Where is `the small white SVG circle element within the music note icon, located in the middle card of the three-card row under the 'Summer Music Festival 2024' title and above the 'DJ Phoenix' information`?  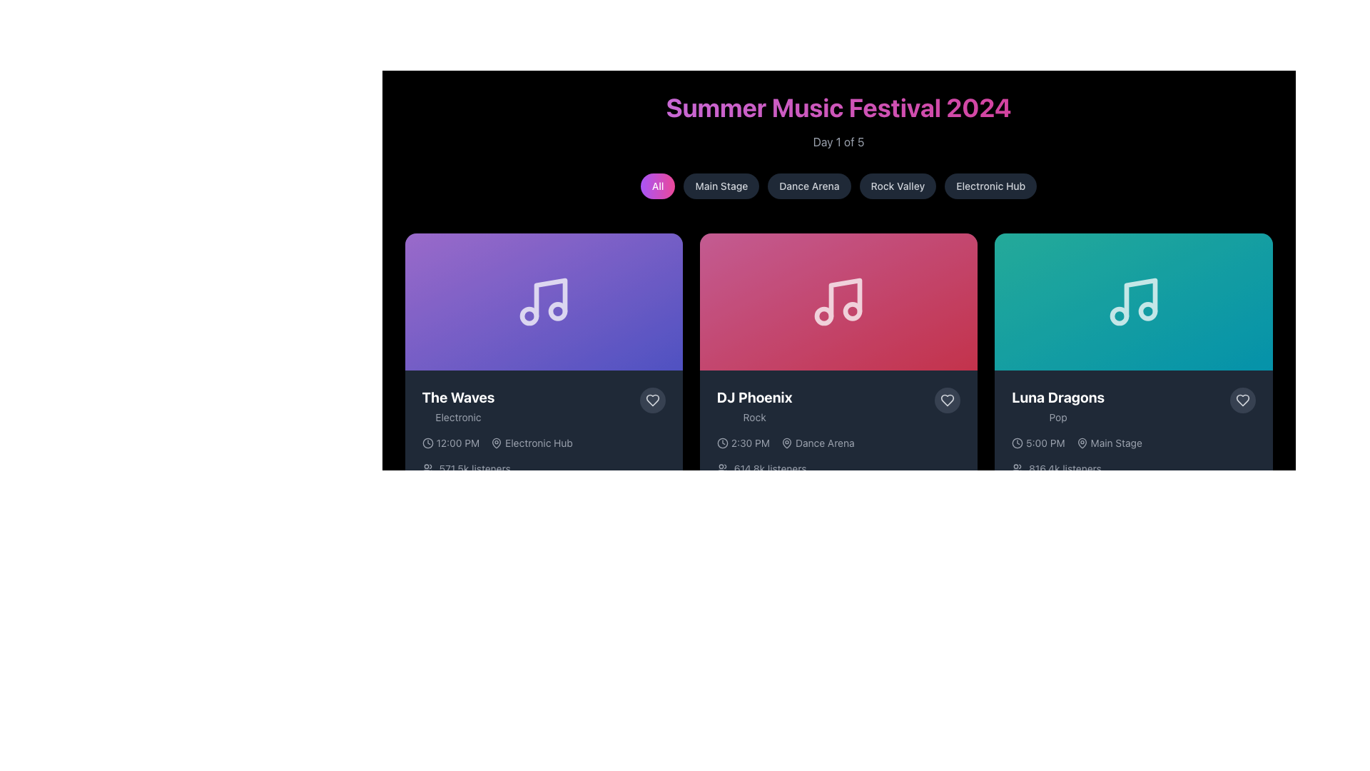 the small white SVG circle element within the music note icon, located in the middle card of the three-card row under the 'Summer Music Festival 2024' title and above the 'DJ Phoenix' information is located at coordinates (853, 311).